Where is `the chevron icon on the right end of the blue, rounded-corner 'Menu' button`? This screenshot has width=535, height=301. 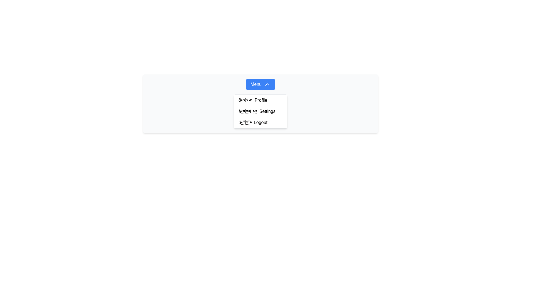 the chevron icon on the right end of the blue, rounded-corner 'Menu' button is located at coordinates (267, 84).